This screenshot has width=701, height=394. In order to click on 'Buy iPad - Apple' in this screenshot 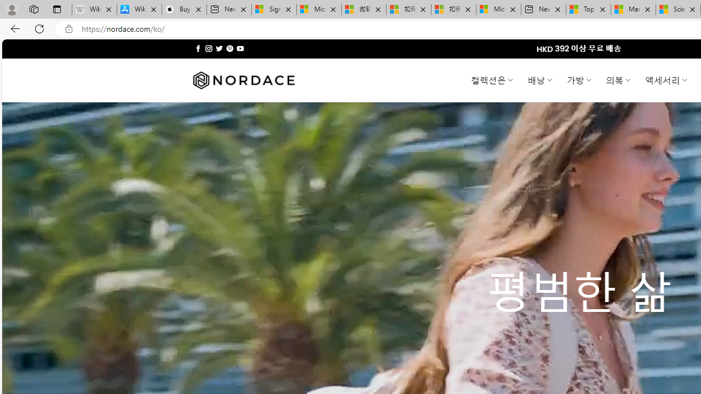, I will do `click(184, 9)`.